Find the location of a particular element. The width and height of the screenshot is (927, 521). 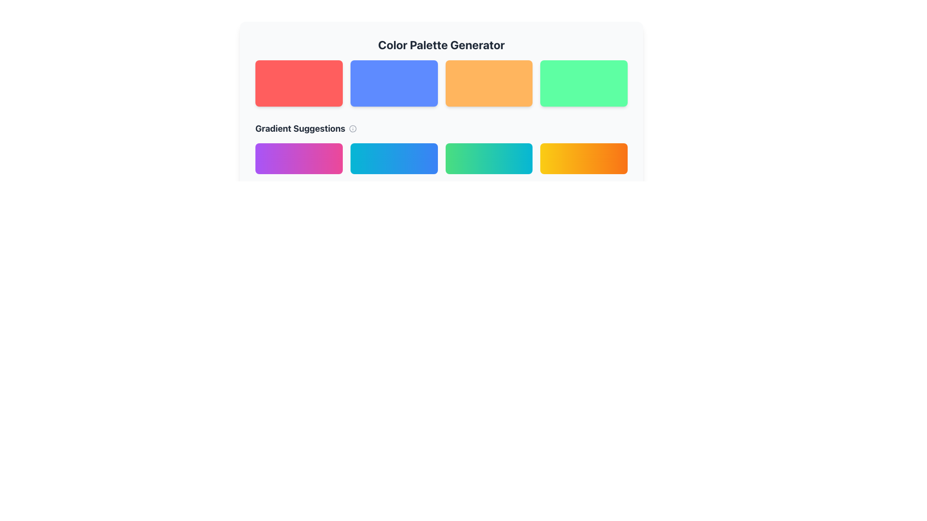

the bold, large heading 'Color Palette Generator' located at the top of the interface to trigger any hover-based effects is located at coordinates (441, 44).